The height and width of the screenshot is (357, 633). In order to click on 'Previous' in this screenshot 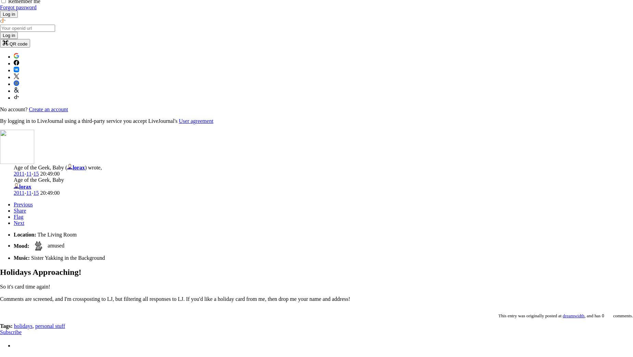, I will do `click(23, 204)`.